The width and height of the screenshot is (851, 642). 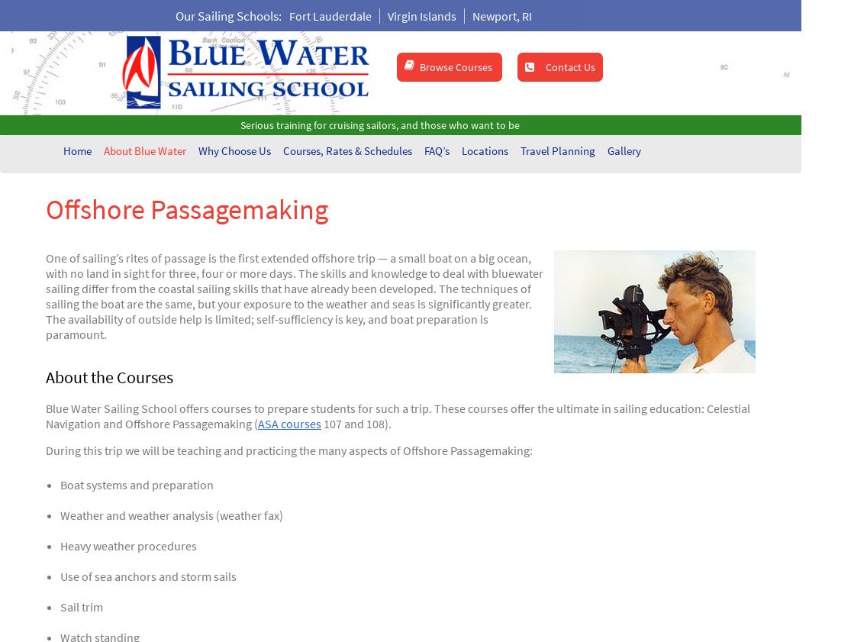 I want to click on 'Sail trim', so click(x=82, y=606).